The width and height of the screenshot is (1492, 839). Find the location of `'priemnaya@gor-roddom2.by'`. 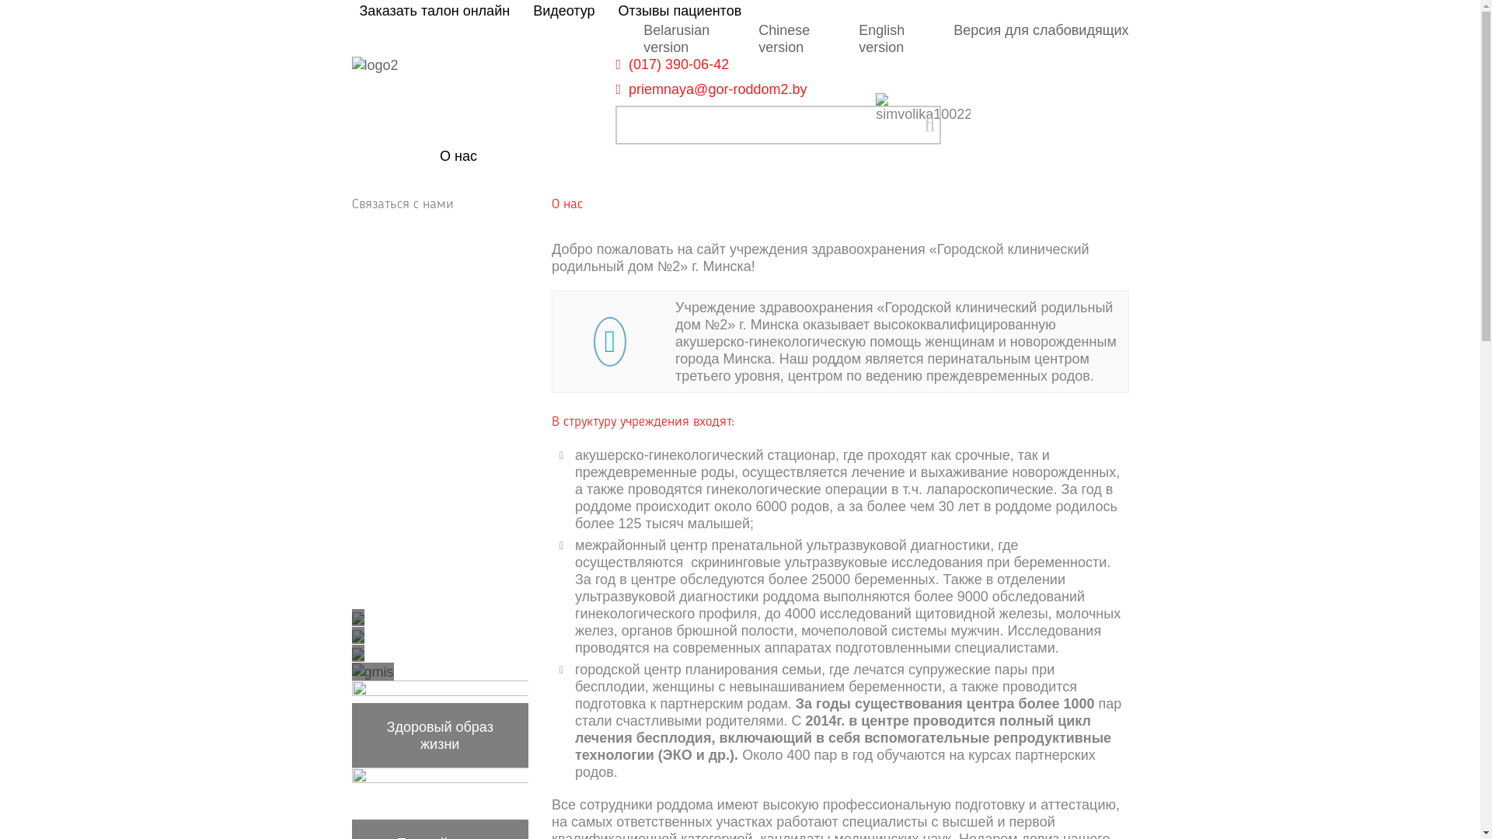

'priemnaya@gor-roddom2.by' is located at coordinates (716, 89).